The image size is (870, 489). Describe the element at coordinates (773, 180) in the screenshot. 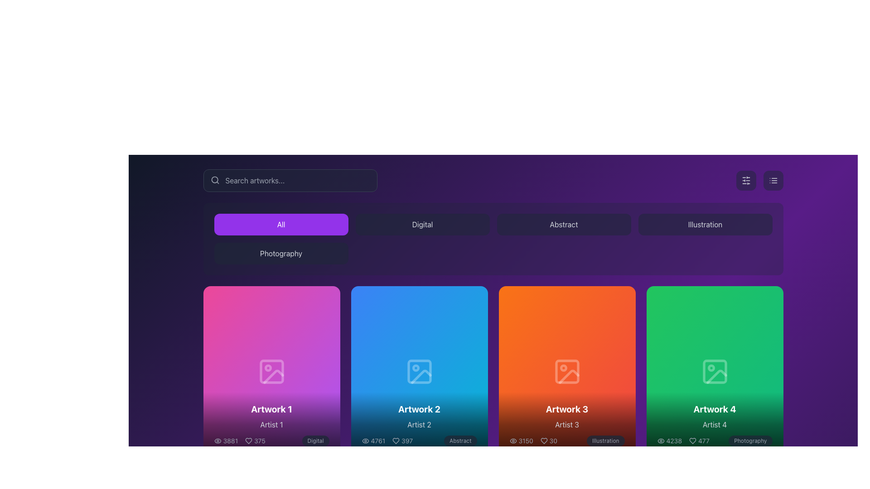

I see `the second button in the top-right corner with a rounded rectangle shape and a dark semi-transparent background` at that location.